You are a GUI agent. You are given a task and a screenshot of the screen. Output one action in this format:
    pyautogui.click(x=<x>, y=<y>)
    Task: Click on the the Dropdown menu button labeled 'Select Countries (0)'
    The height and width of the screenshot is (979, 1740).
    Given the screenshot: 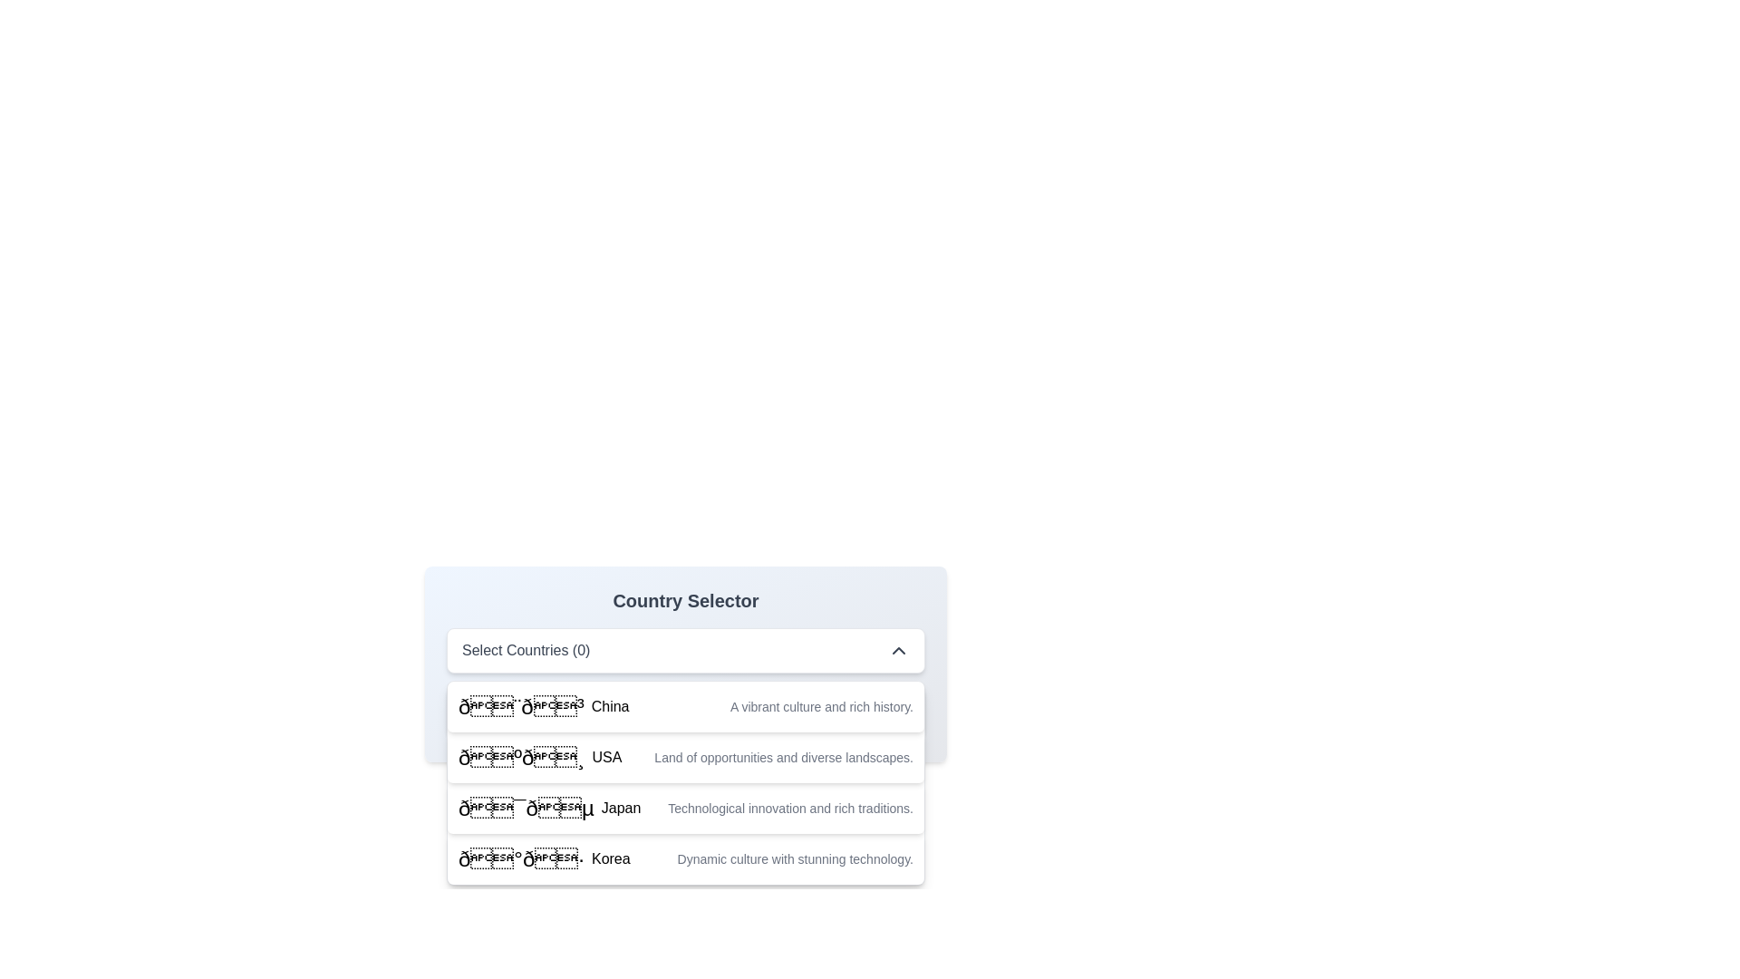 What is the action you would take?
    pyautogui.click(x=685, y=649)
    